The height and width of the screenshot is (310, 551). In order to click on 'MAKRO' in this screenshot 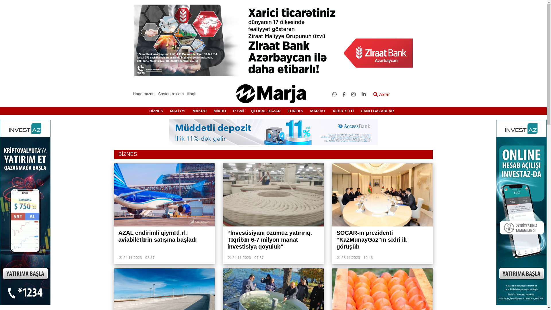, I will do `click(199, 111)`.